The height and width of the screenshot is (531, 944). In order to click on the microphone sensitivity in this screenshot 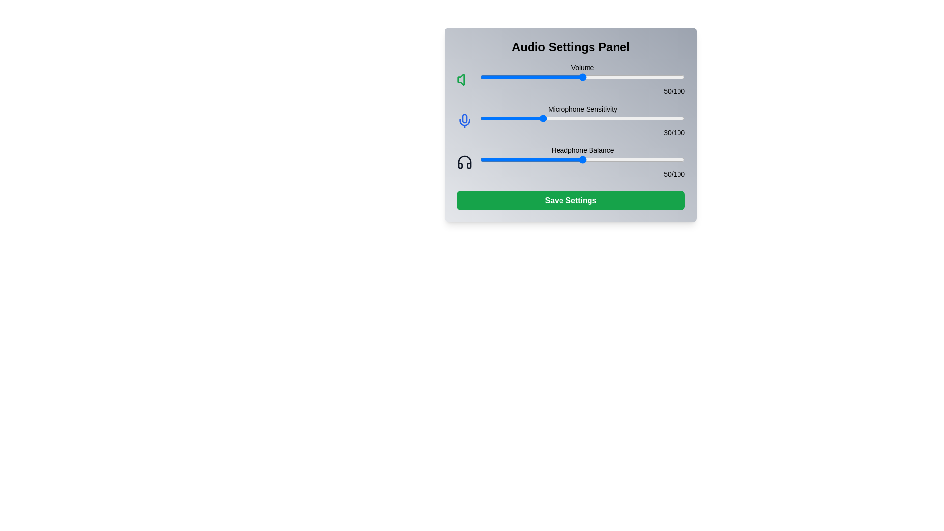, I will do `click(552, 118)`.